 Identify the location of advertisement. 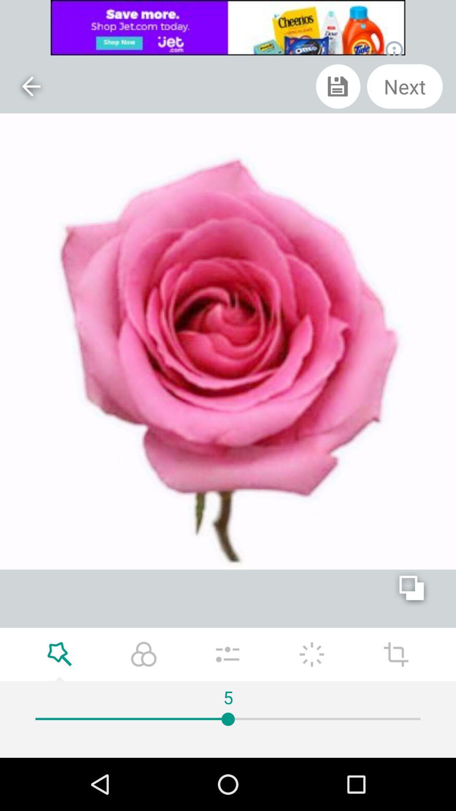
(228, 27).